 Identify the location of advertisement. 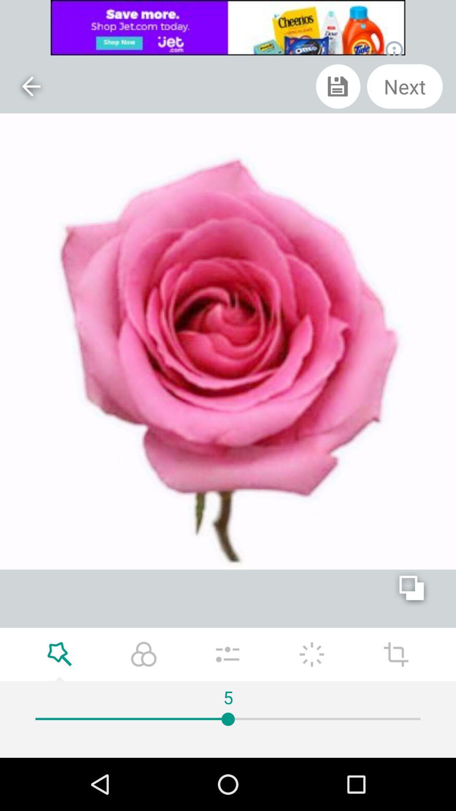
(228, 27).